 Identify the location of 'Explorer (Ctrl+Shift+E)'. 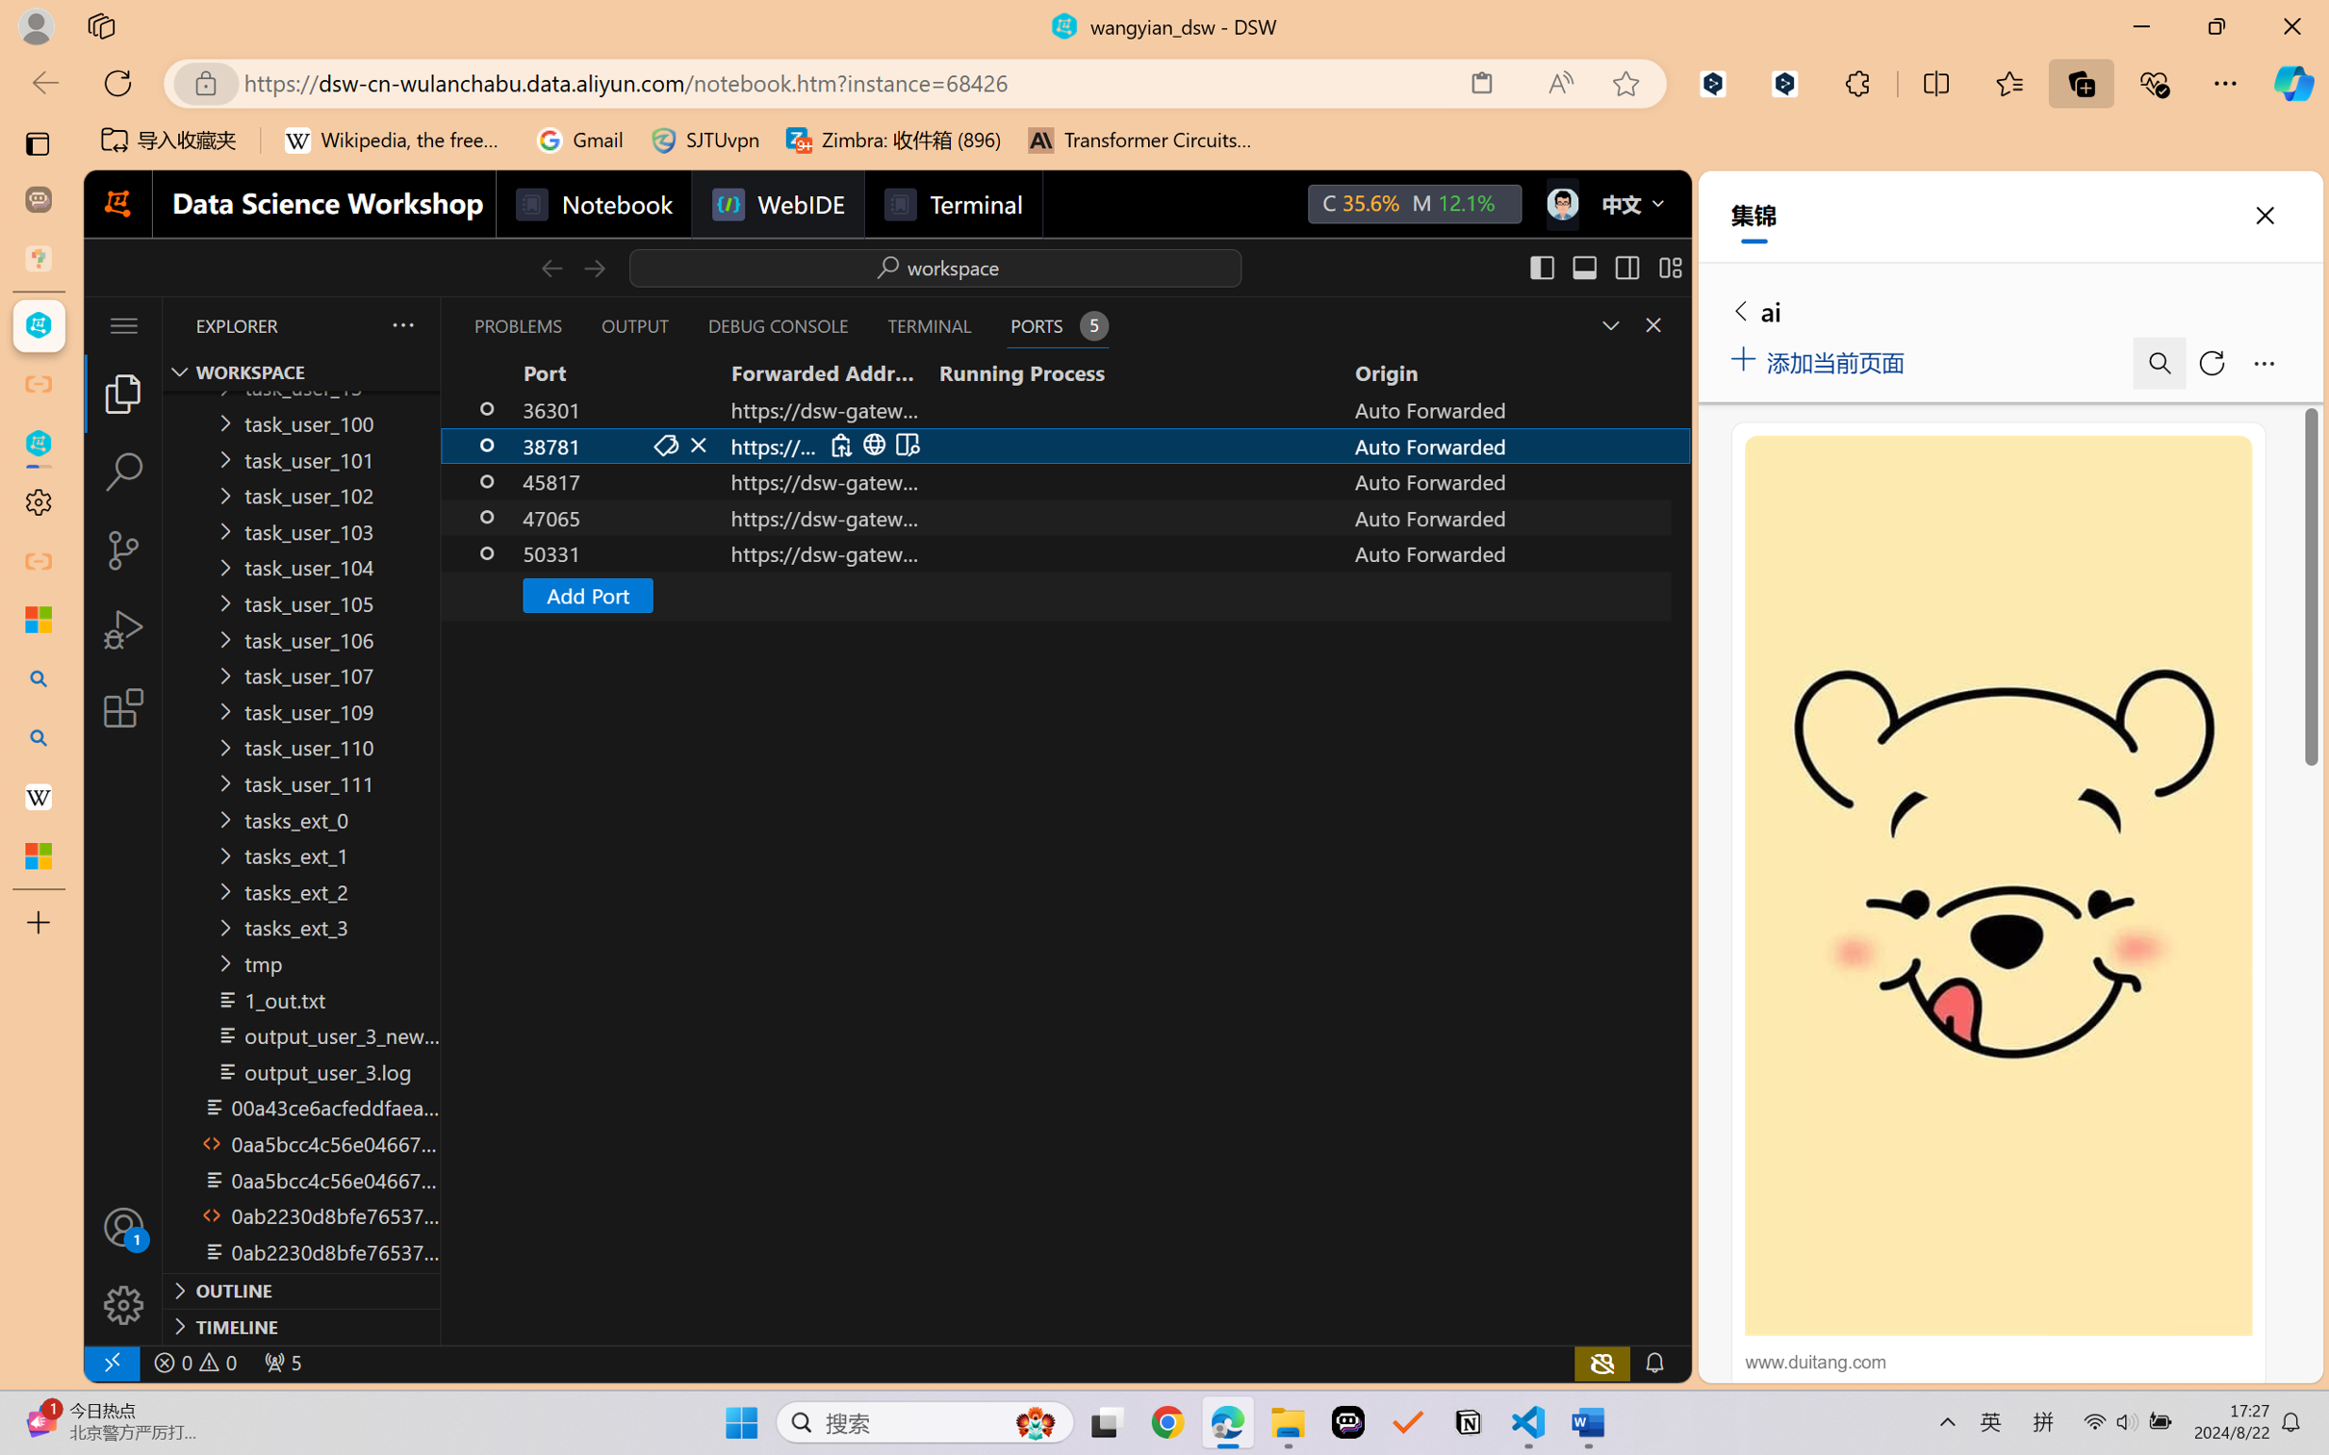
(122, 392).